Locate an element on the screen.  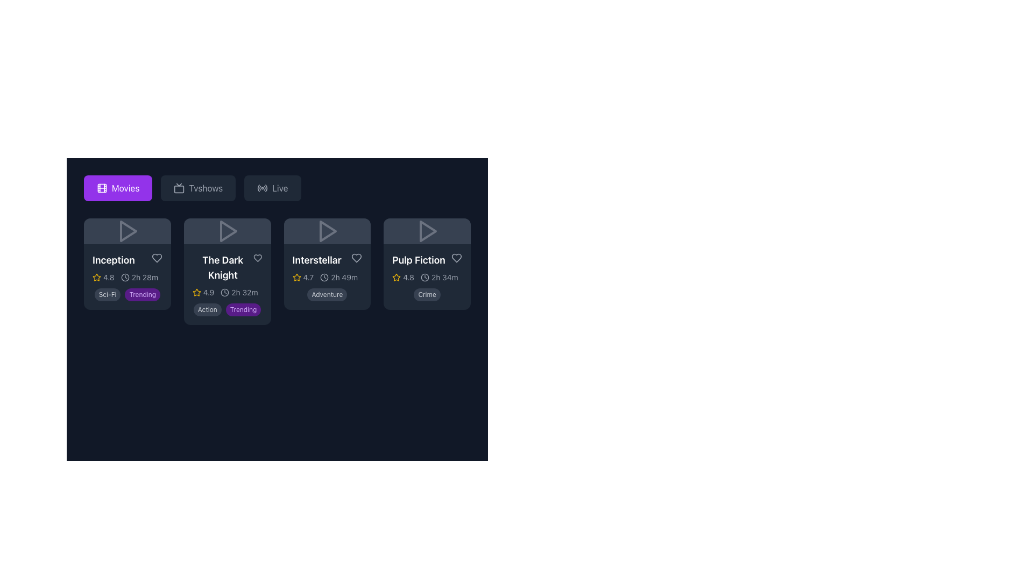
the movie card displaying information about 'Interstellar', which is the third item in the second row of movie cards is located at coordinates (327, 264).